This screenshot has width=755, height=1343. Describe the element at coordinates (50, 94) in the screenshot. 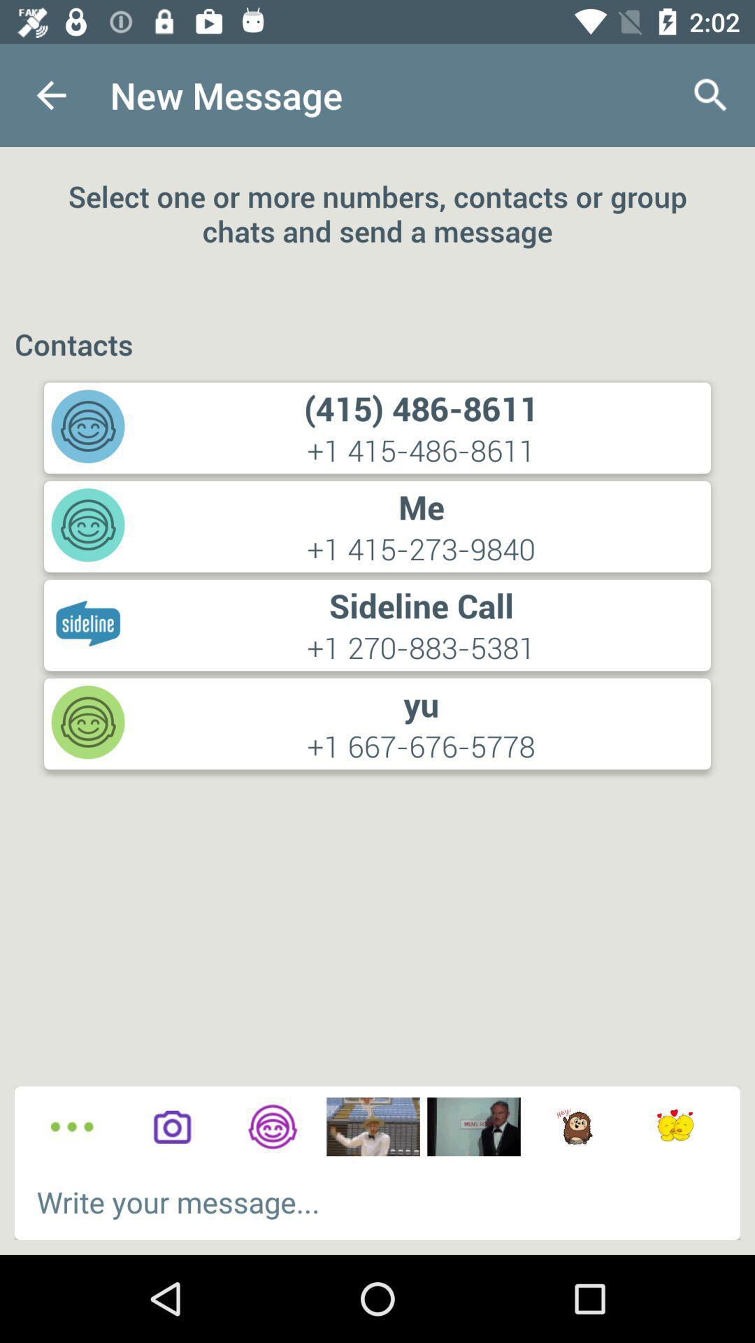

I see `the icon to the left of new message` at that location.